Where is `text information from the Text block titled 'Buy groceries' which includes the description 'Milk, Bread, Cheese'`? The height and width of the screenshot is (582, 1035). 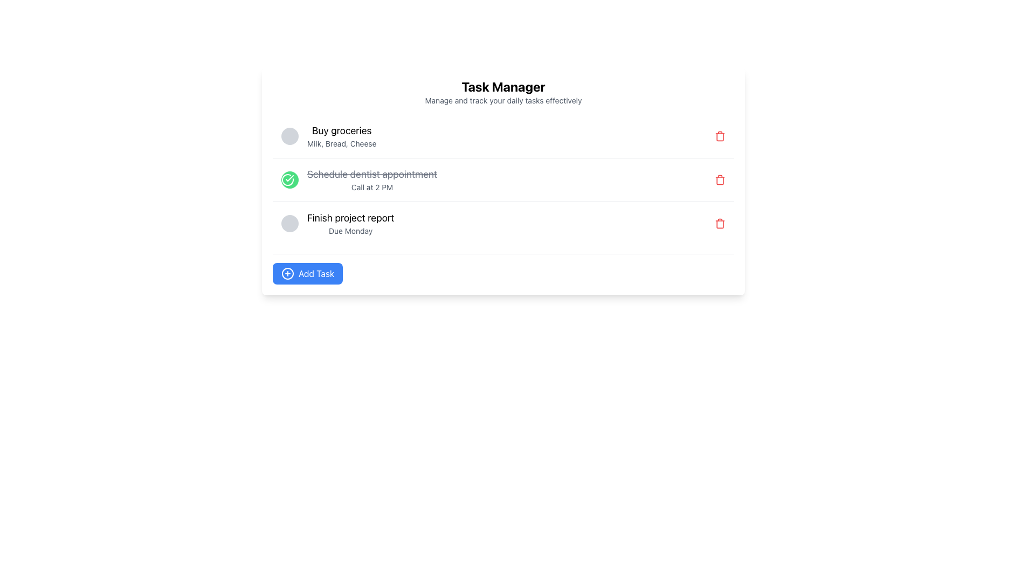 text information from the Text block titled 'Buy groceries' which includes the description 'Milk, Bread, Cheese' is located at coordinates (341, 136).